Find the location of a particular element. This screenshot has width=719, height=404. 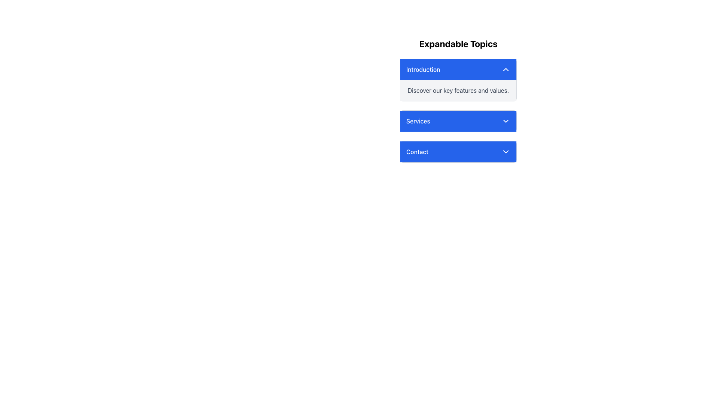

the 'Services' text label, which is styled in bold white font on a blue background is located at coordinates (418, 121).